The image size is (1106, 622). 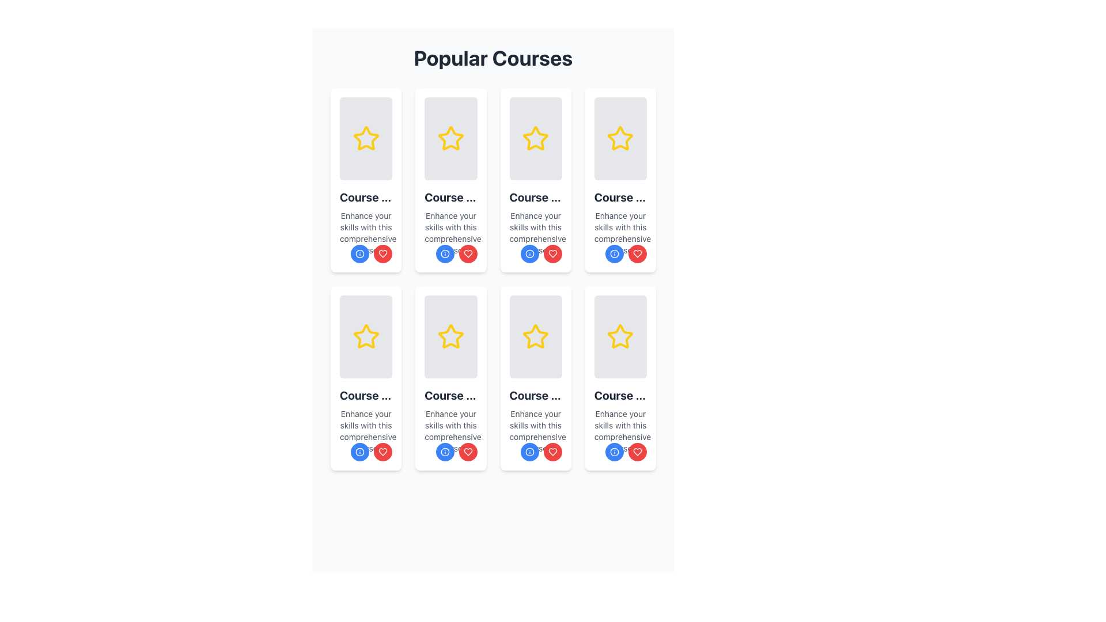 I want to click on the visual placeholder located in the third column of the first row under 'Popular Courses', positioned above the course title and description, so click(x=535, y=138).